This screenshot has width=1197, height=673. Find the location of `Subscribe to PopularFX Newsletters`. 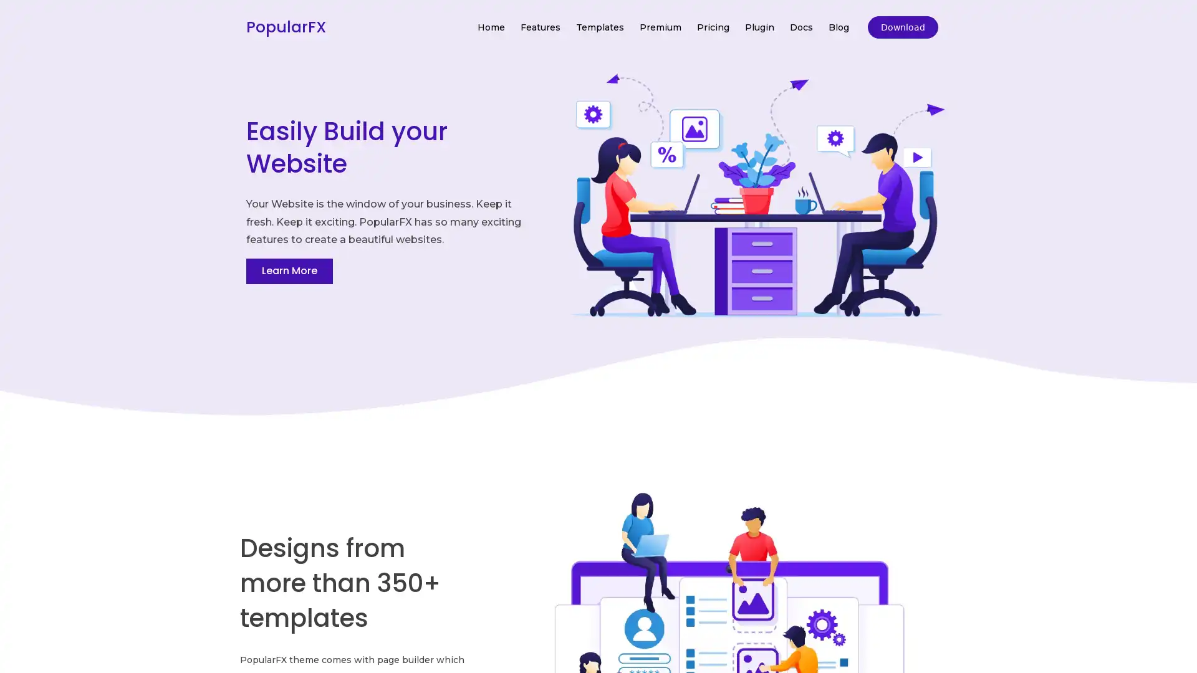

Subscribe to PopularFX Newsletters is located at coordinates (597, 312).